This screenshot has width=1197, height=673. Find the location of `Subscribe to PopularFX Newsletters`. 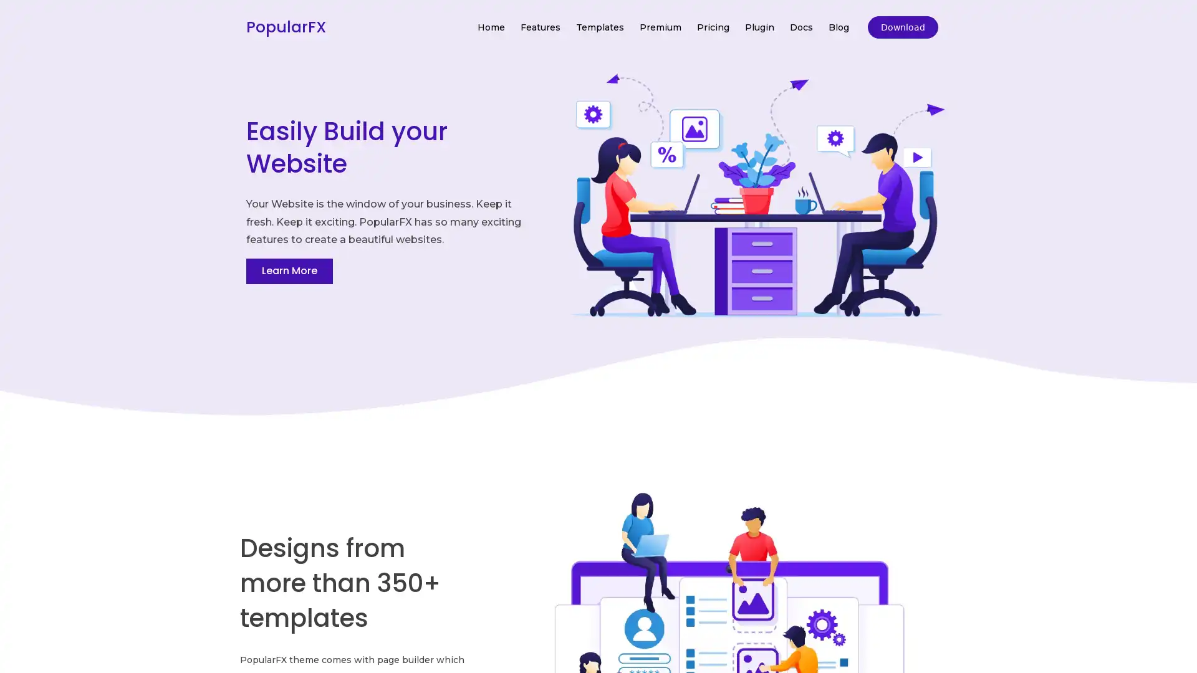

Subscribe to PopularFX Newsletters is located at coordinates (597, 312).